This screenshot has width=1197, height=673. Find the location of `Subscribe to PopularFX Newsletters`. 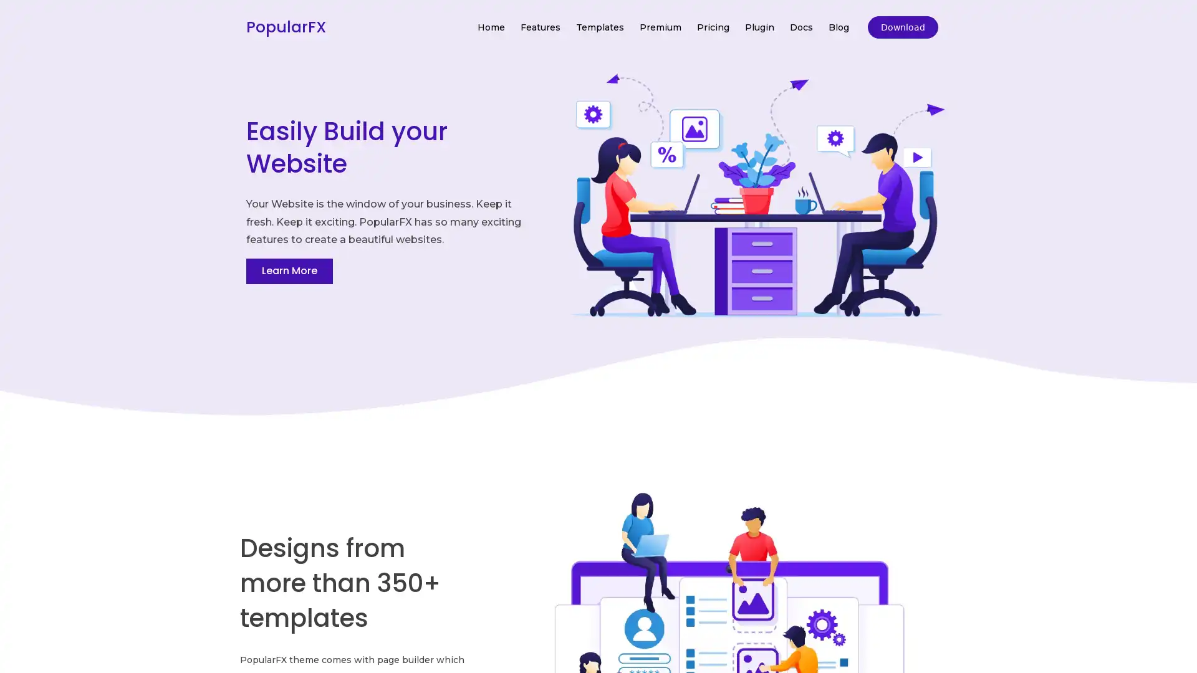

Subscribe to PopularFX Newsletters is located at coordinates (597, 312).